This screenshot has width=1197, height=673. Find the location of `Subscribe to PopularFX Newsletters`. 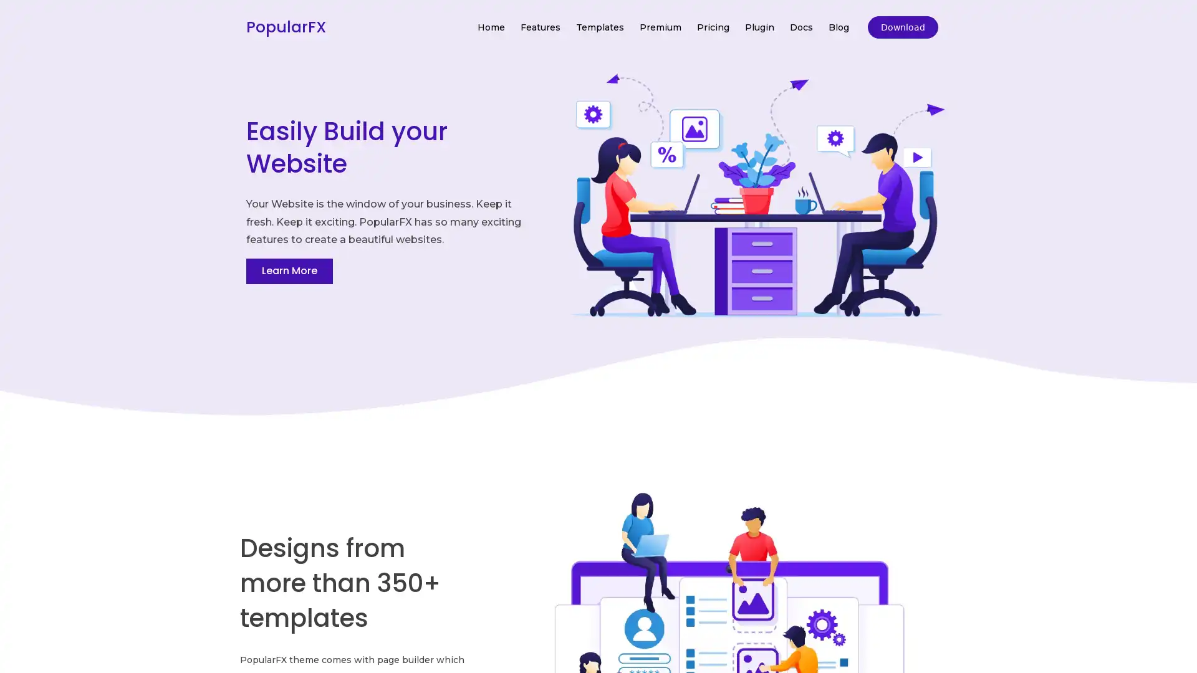

Subscribe to PopularFX Newsletters is located at coordinates (597, 312).